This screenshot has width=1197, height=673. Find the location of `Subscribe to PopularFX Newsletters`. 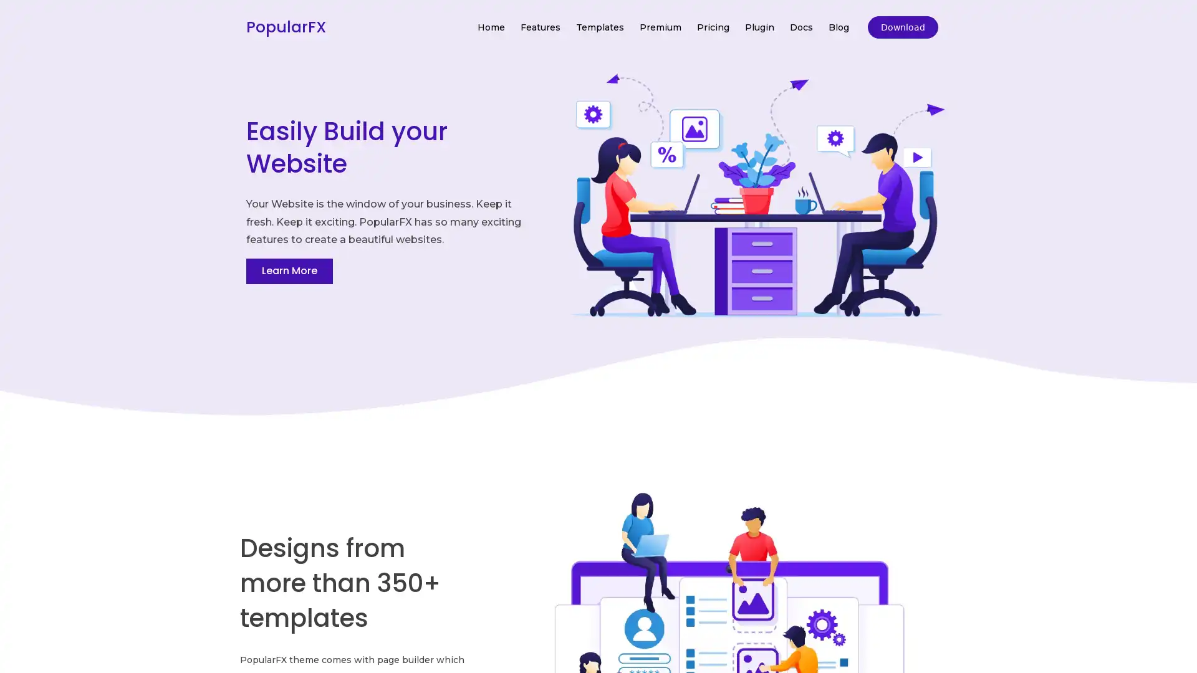

Subscribe to PopularFX Newsletters is located at coordinates (597, 312).